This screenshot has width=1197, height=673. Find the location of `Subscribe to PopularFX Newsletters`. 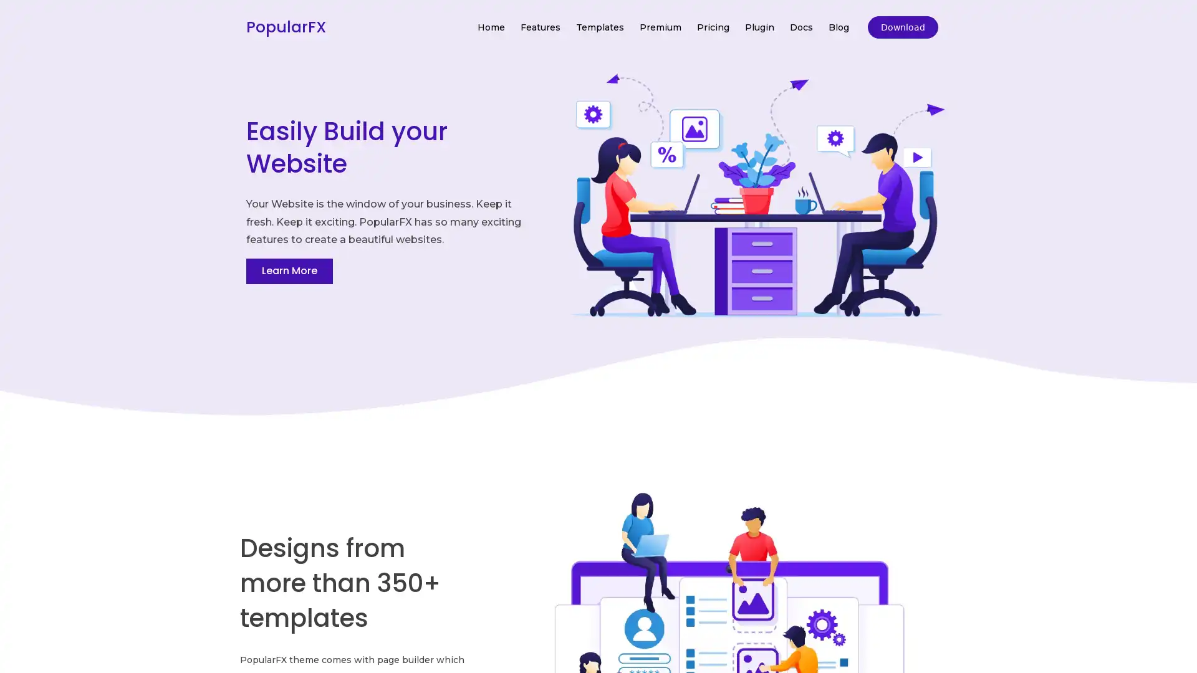

Subscribe to PopularFX Newsletters is located at coordinates (597, 312).